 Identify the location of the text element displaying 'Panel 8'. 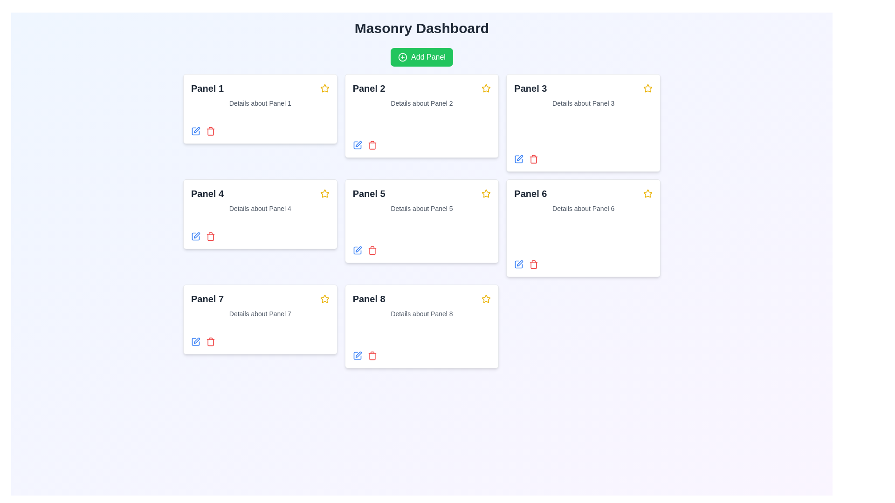
(368, 299).